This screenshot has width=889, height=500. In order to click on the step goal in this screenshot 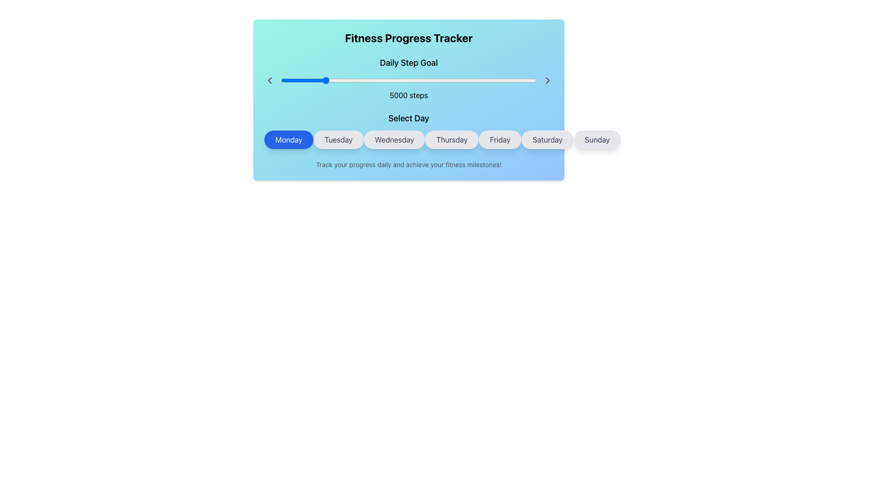, I will do `click(474, 80)`.